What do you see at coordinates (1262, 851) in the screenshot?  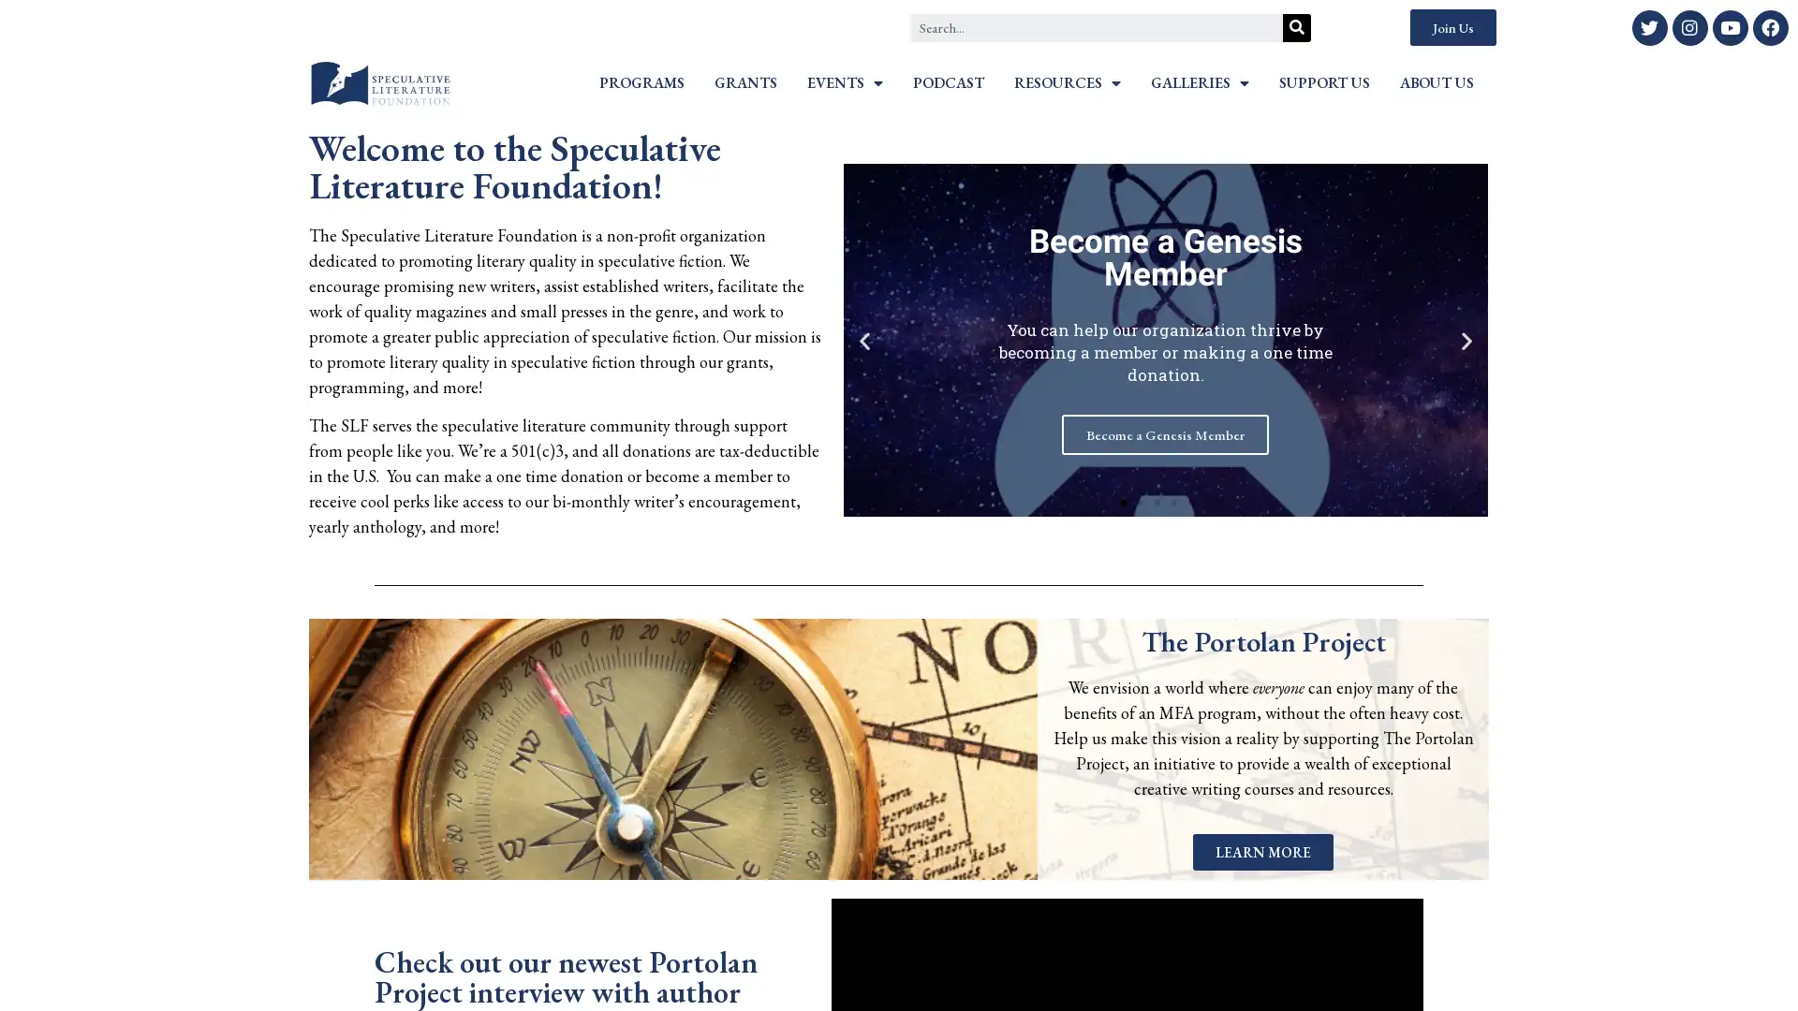 I see `LEARN MORE` at bounding box center [1262, 851].